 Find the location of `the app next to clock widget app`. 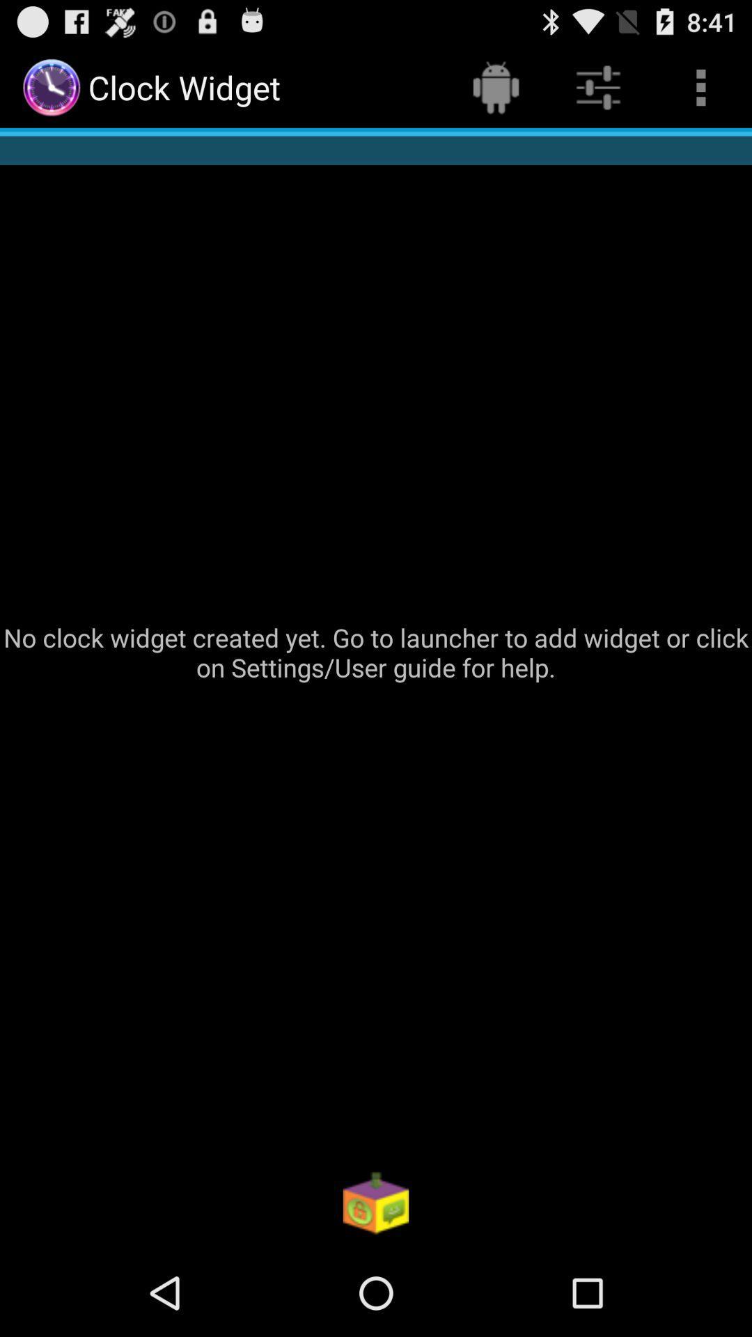

the app next to clock widget app is located at coordinates (495, 86).